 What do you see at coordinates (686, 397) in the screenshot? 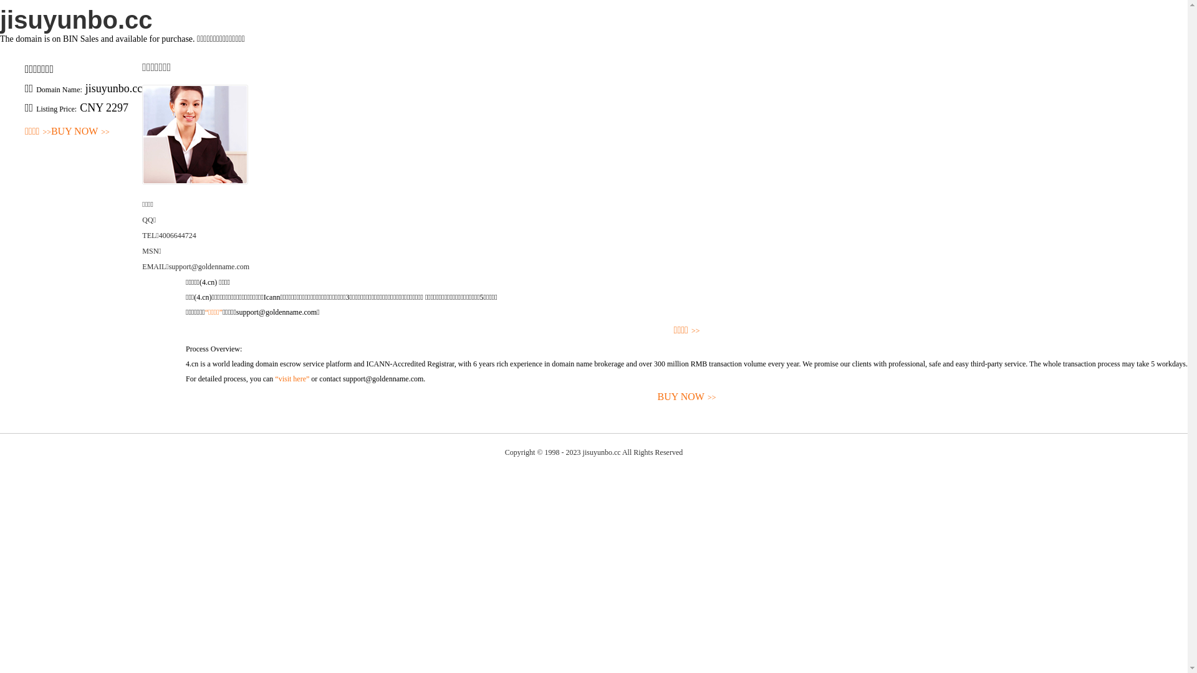
I see `'BUY NOW>>'` at bounding box center [686, 397].